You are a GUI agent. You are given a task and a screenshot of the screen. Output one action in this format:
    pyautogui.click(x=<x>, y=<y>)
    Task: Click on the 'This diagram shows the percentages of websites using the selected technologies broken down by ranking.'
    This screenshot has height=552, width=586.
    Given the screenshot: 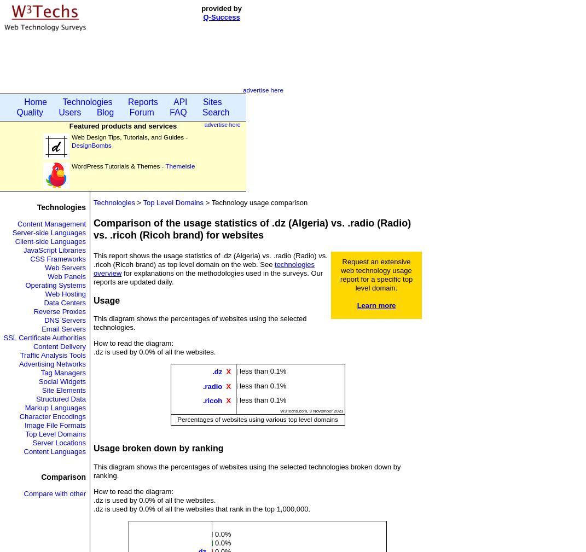 What is the action you would take?
    pyautogui.click(x=247, y=470)
    